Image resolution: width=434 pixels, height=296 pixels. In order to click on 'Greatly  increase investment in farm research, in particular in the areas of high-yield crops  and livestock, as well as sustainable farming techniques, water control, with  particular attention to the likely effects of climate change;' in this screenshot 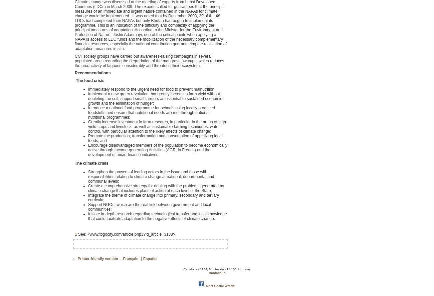, I will do `click(157, 126)`.